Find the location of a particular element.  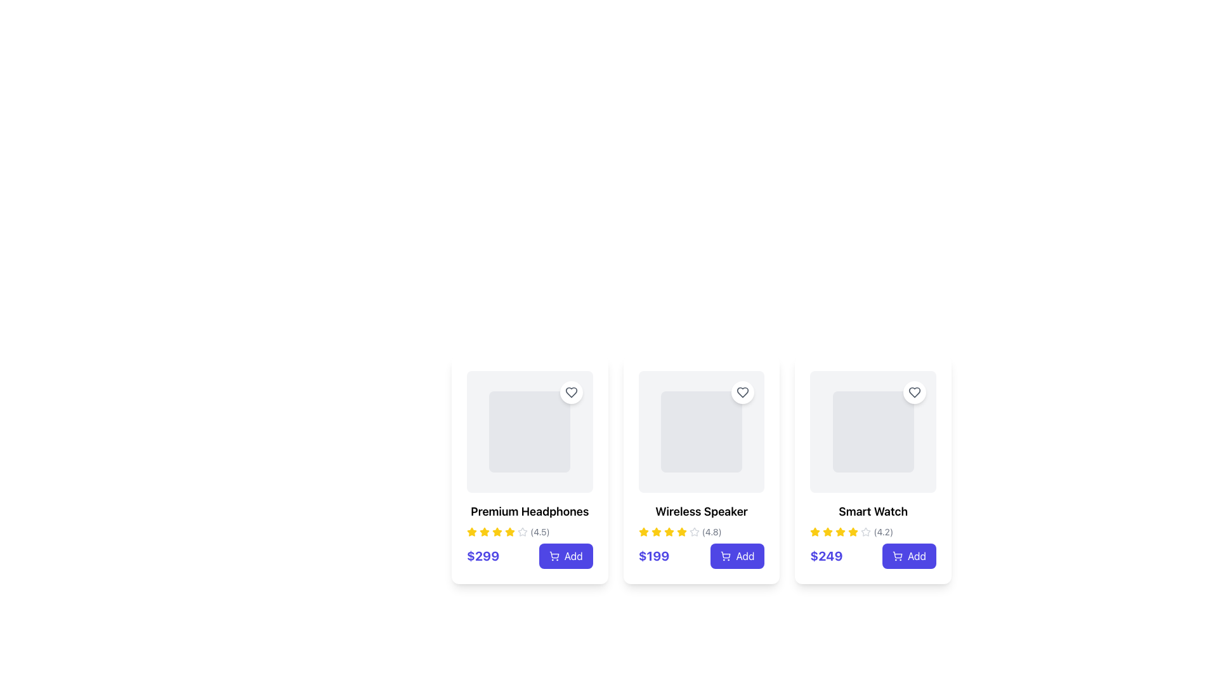

the static text label displaying 'Wireless Speaker', which is styled in bold and slightly large font, located in the second product card below the image placeholder is located at coordinates (700, 511).